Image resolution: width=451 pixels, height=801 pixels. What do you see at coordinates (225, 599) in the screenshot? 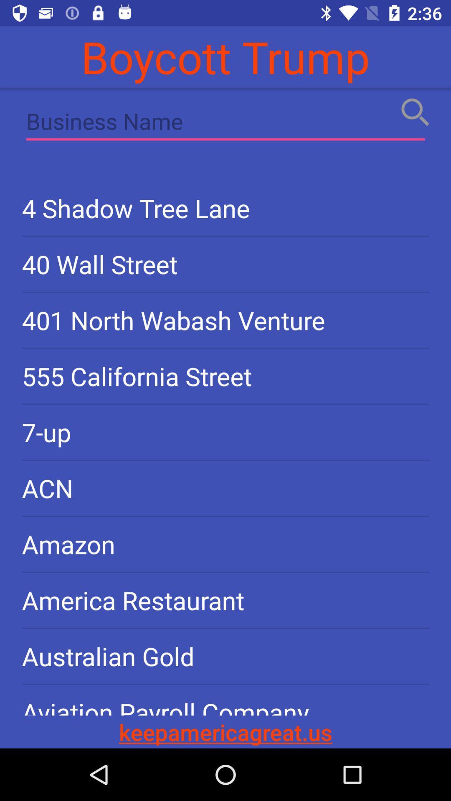
I see `the america restaurant` at bounding box center [225, 599].